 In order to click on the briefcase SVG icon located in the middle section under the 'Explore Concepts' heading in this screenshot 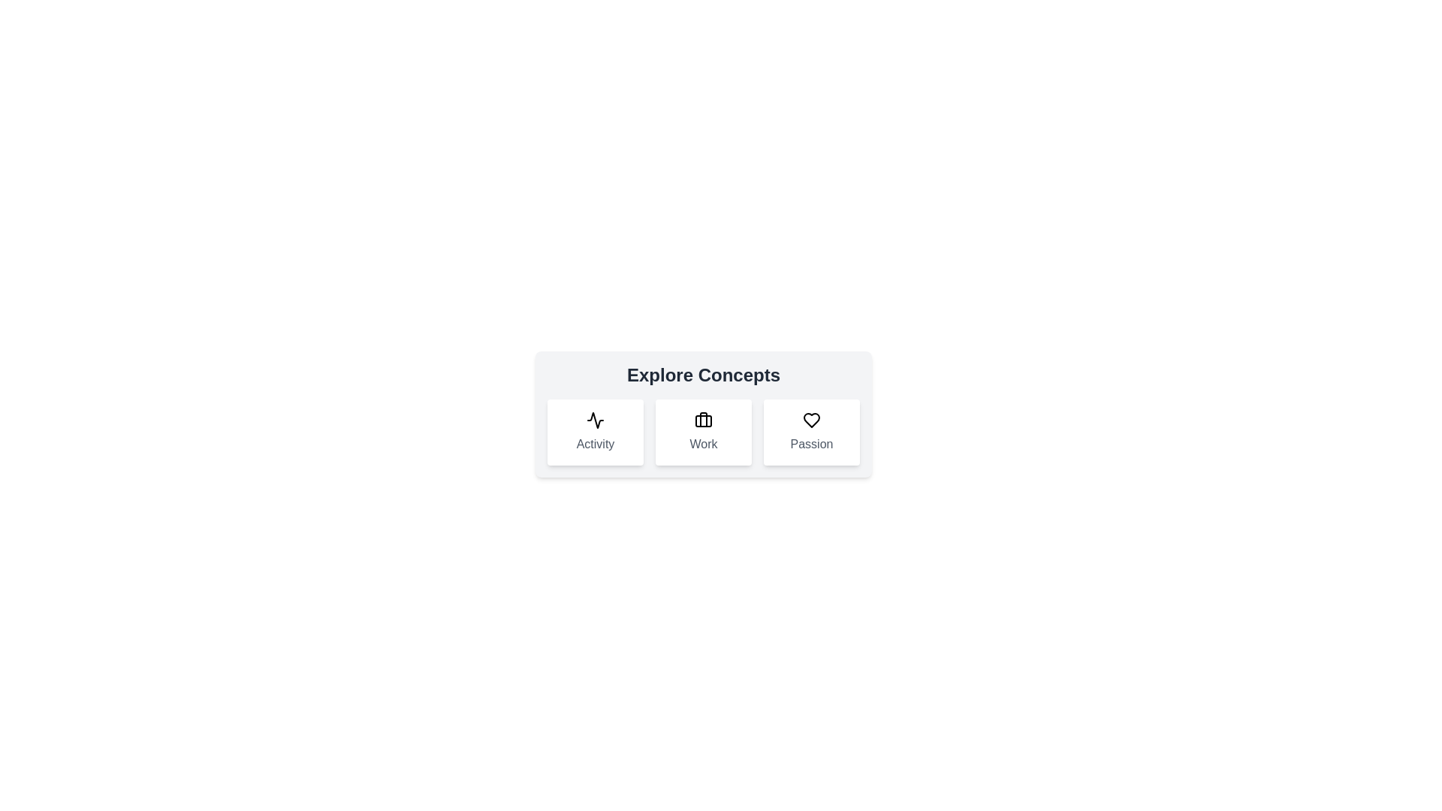, I will do `click(702, 420)`.